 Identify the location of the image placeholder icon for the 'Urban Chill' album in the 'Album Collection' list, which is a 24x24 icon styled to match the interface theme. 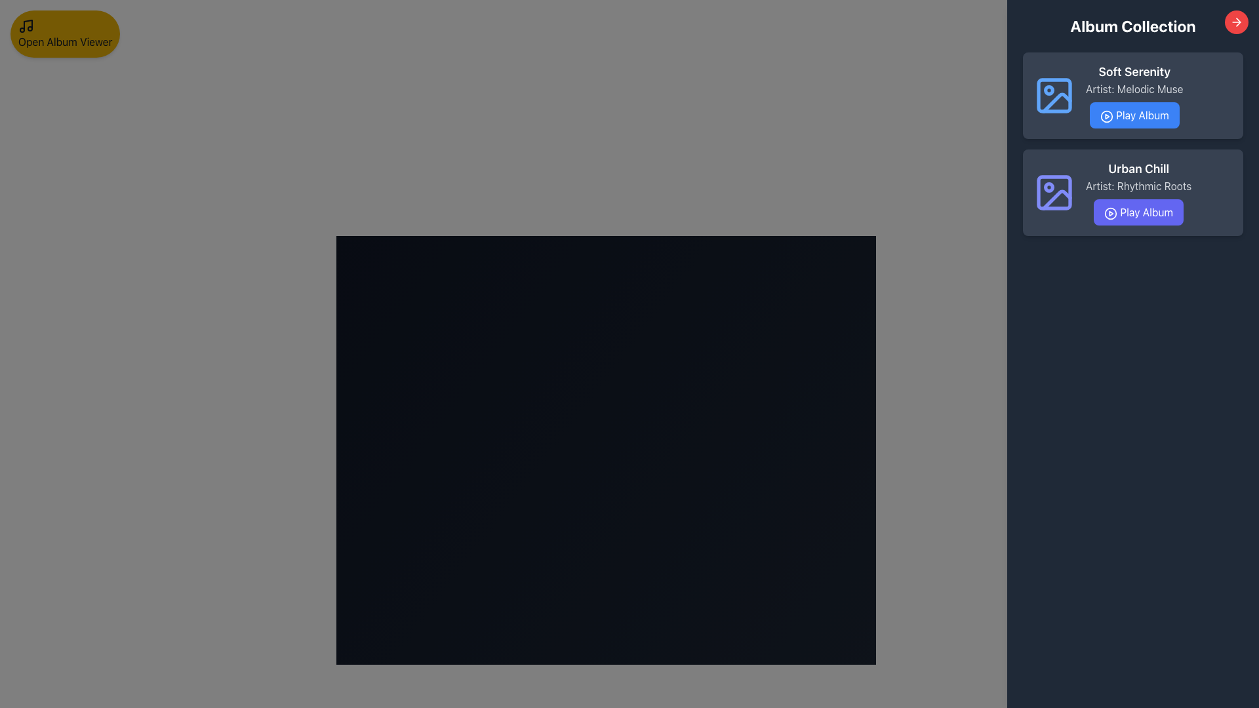
(1054, 192).